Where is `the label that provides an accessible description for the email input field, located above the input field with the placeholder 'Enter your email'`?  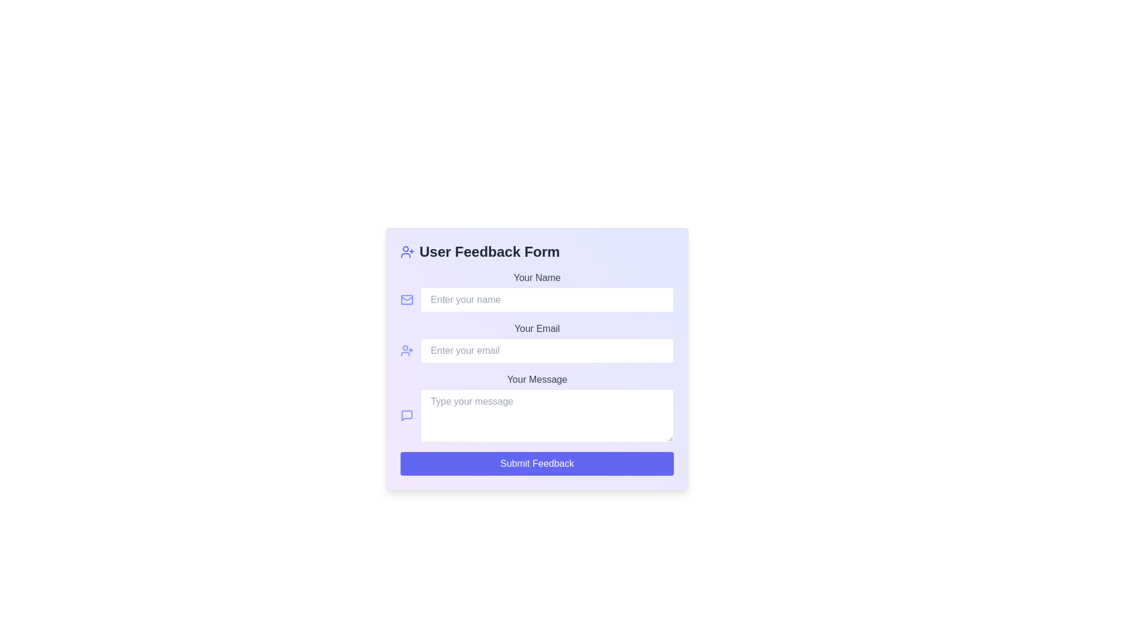 the label that provides an accessible description for the email input field, located above the input field with the placeholder 'Enter your email' is located at coordinates (536, 328).